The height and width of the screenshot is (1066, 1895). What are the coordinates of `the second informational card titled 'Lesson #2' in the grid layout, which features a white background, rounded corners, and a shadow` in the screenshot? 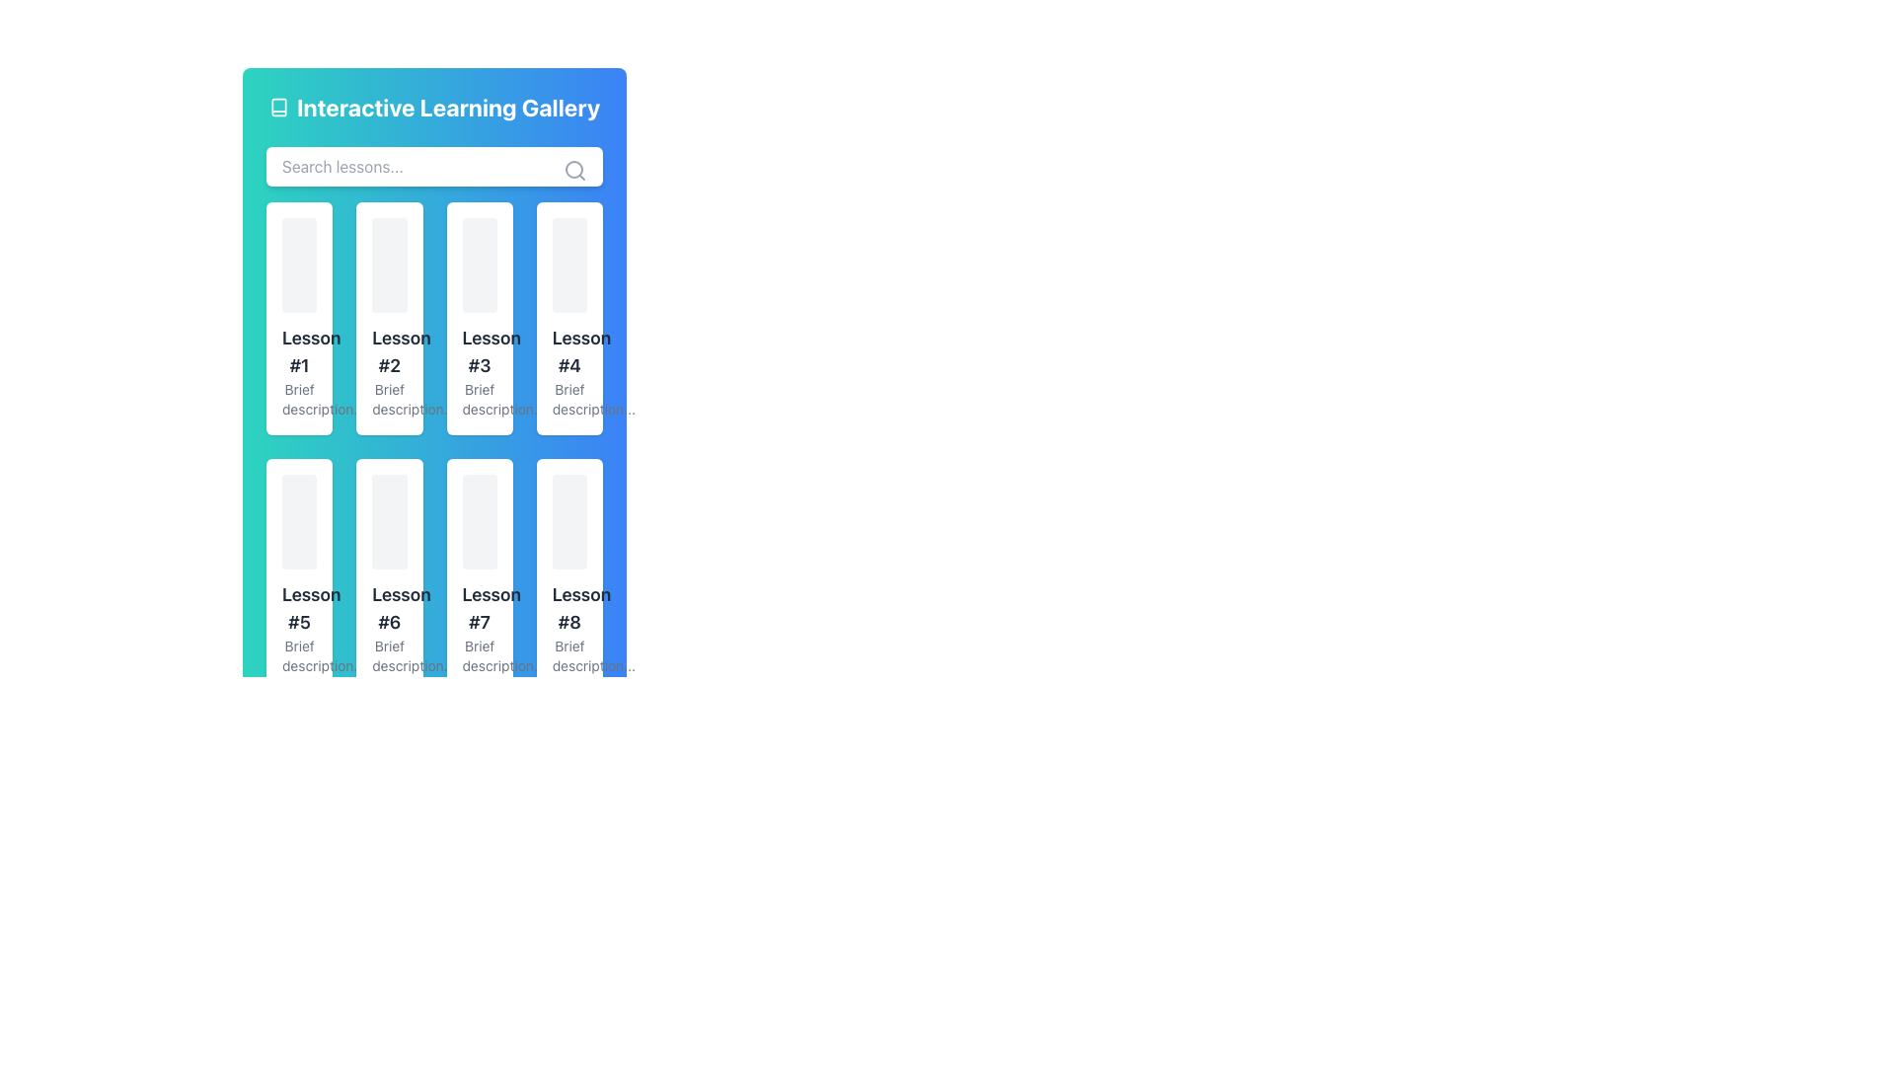 It's located at (389, 318).